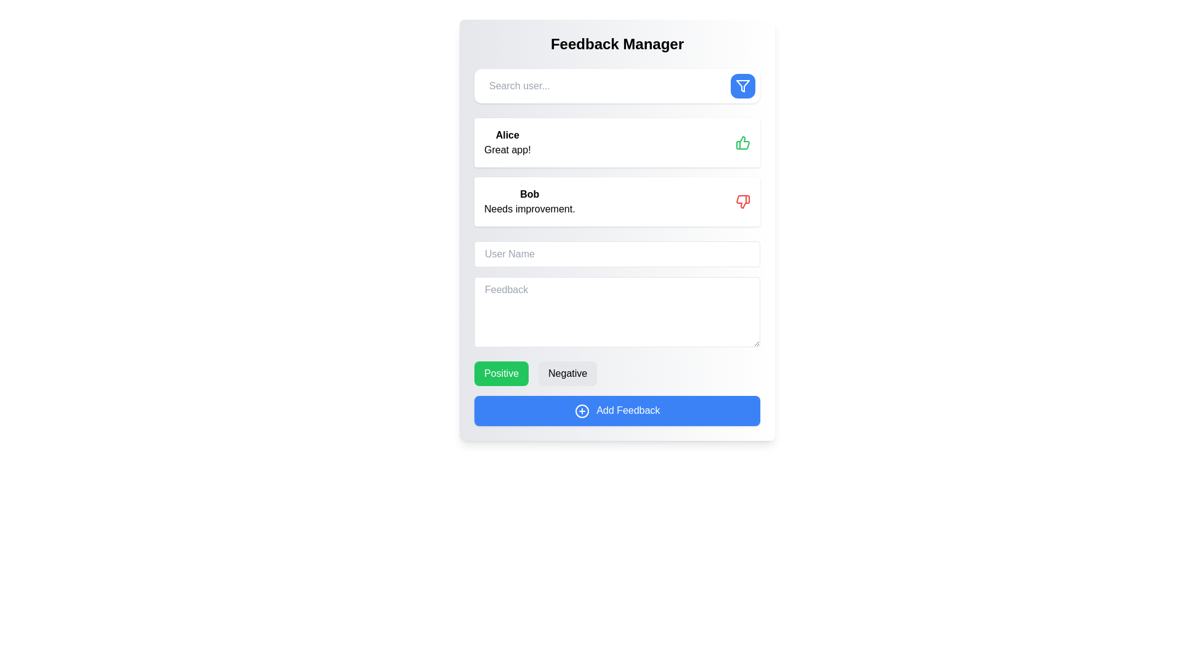  I want to click on the negative sentiment button located to the right of the green 'Positive' button, so click(567, 373).